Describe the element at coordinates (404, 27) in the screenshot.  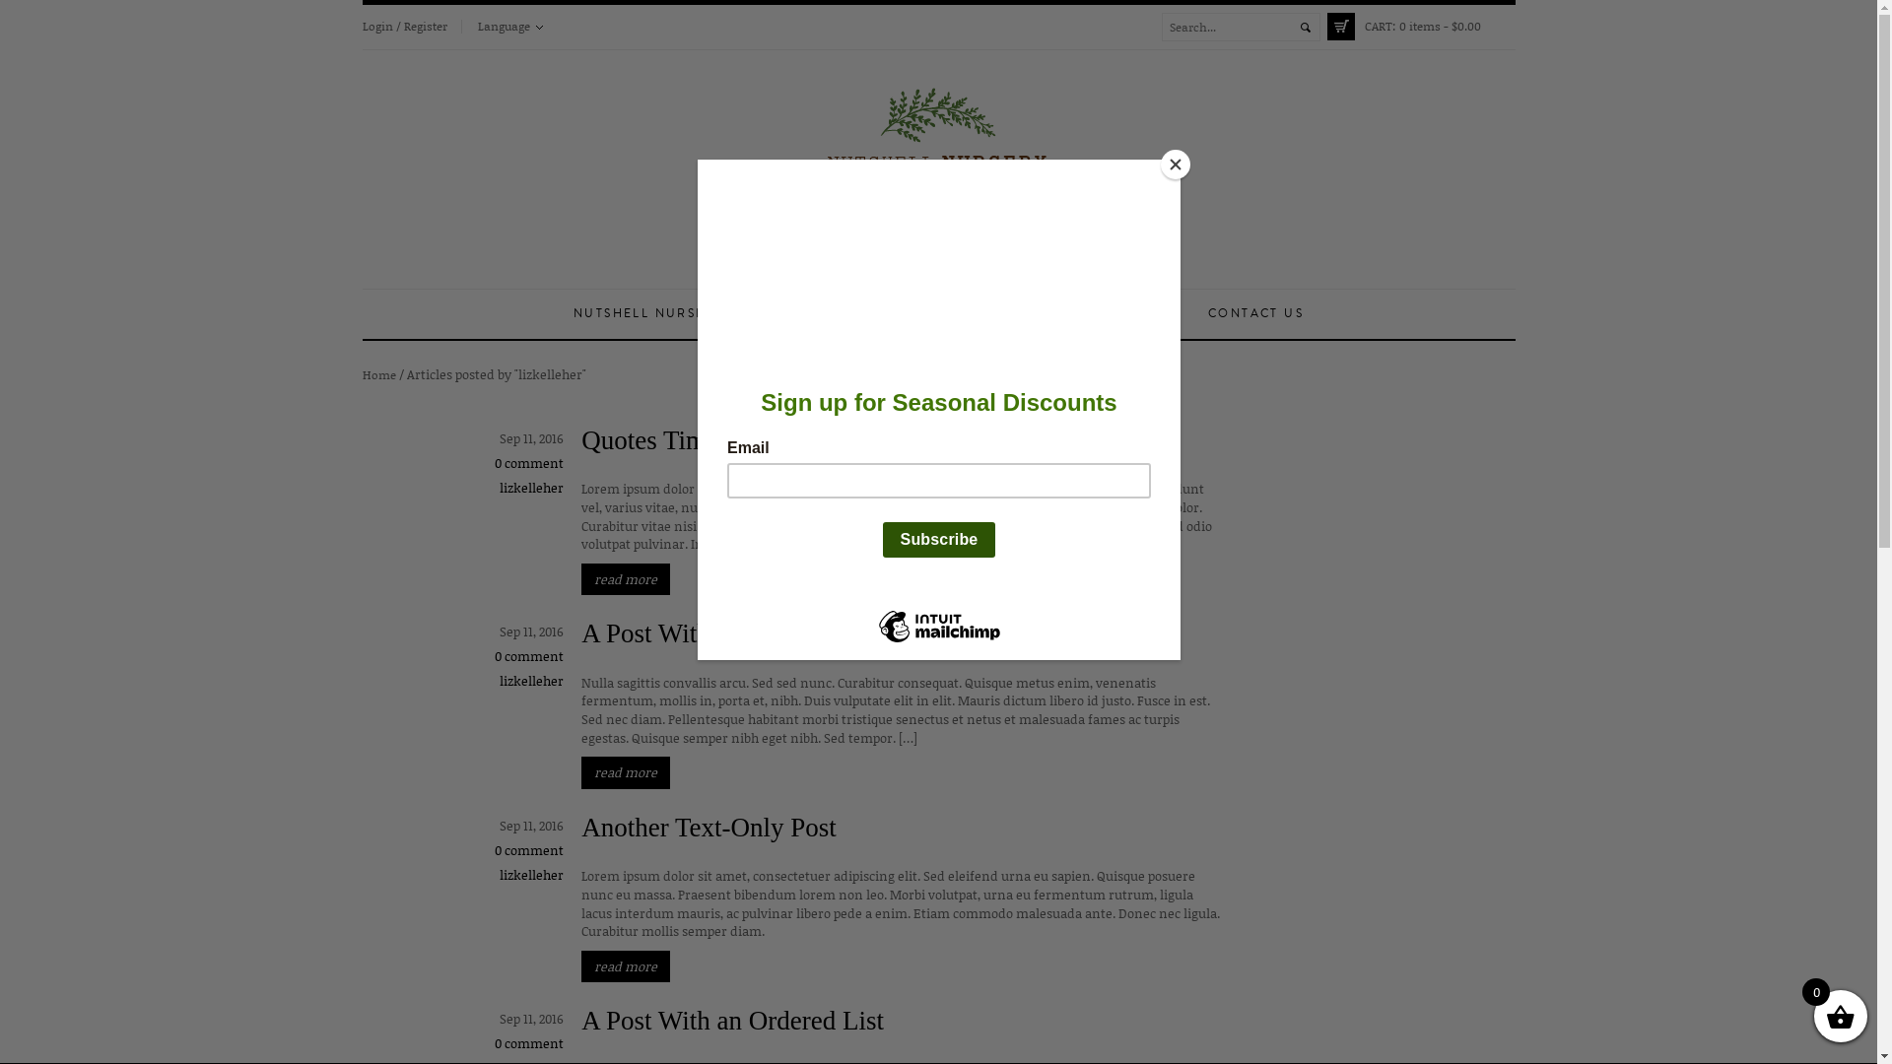
I see `'Login / Register'` at that location.